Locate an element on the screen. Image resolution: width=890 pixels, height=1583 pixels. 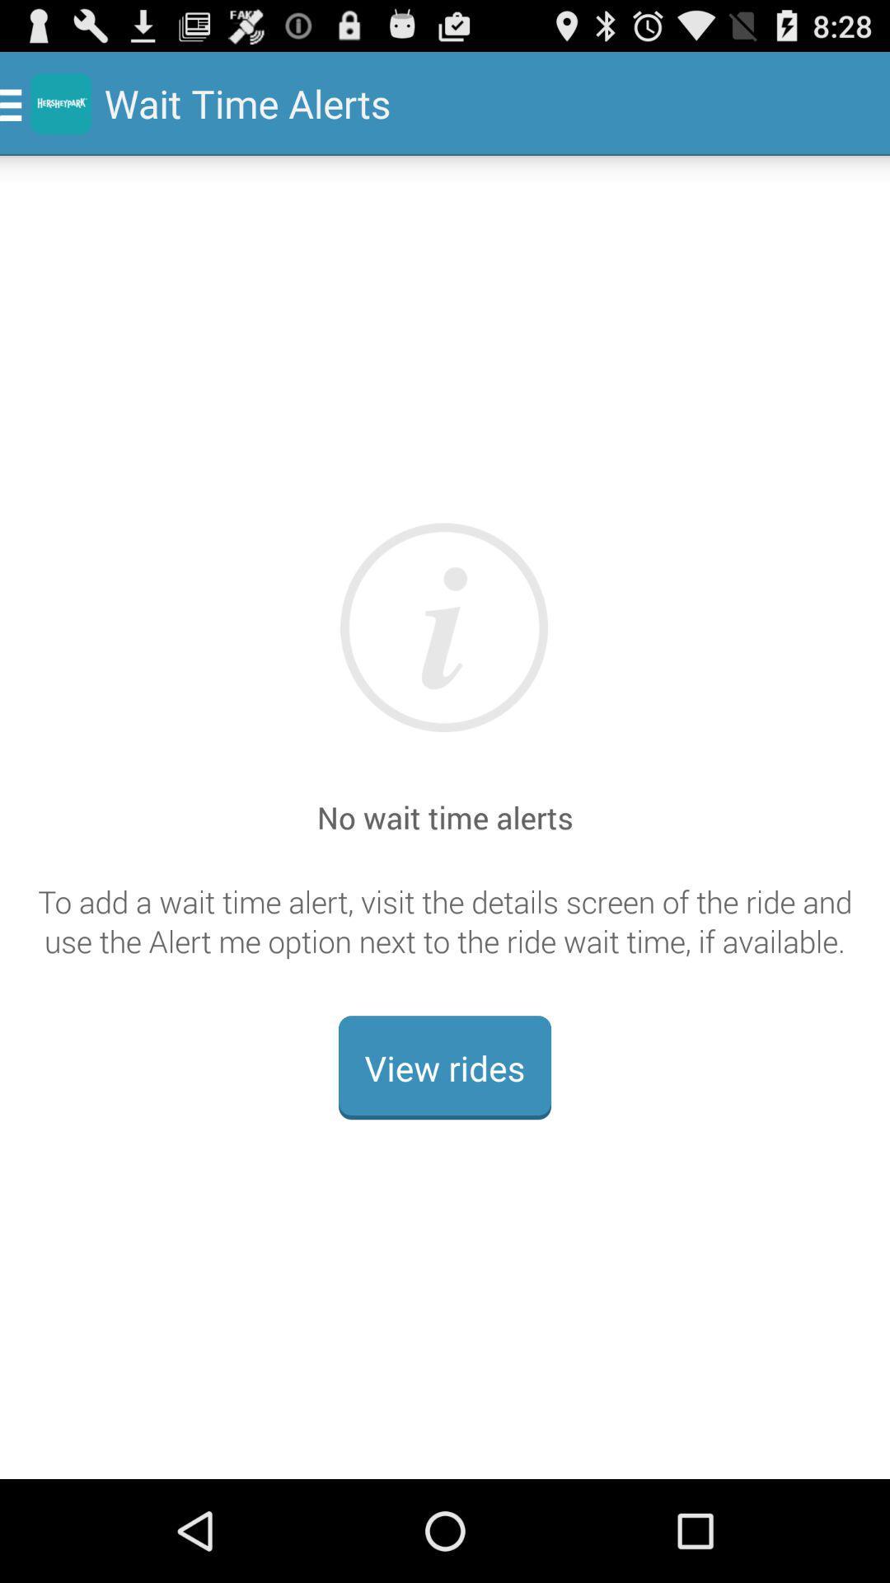
the icon at the bottom is located at coordinates (445, 1068).